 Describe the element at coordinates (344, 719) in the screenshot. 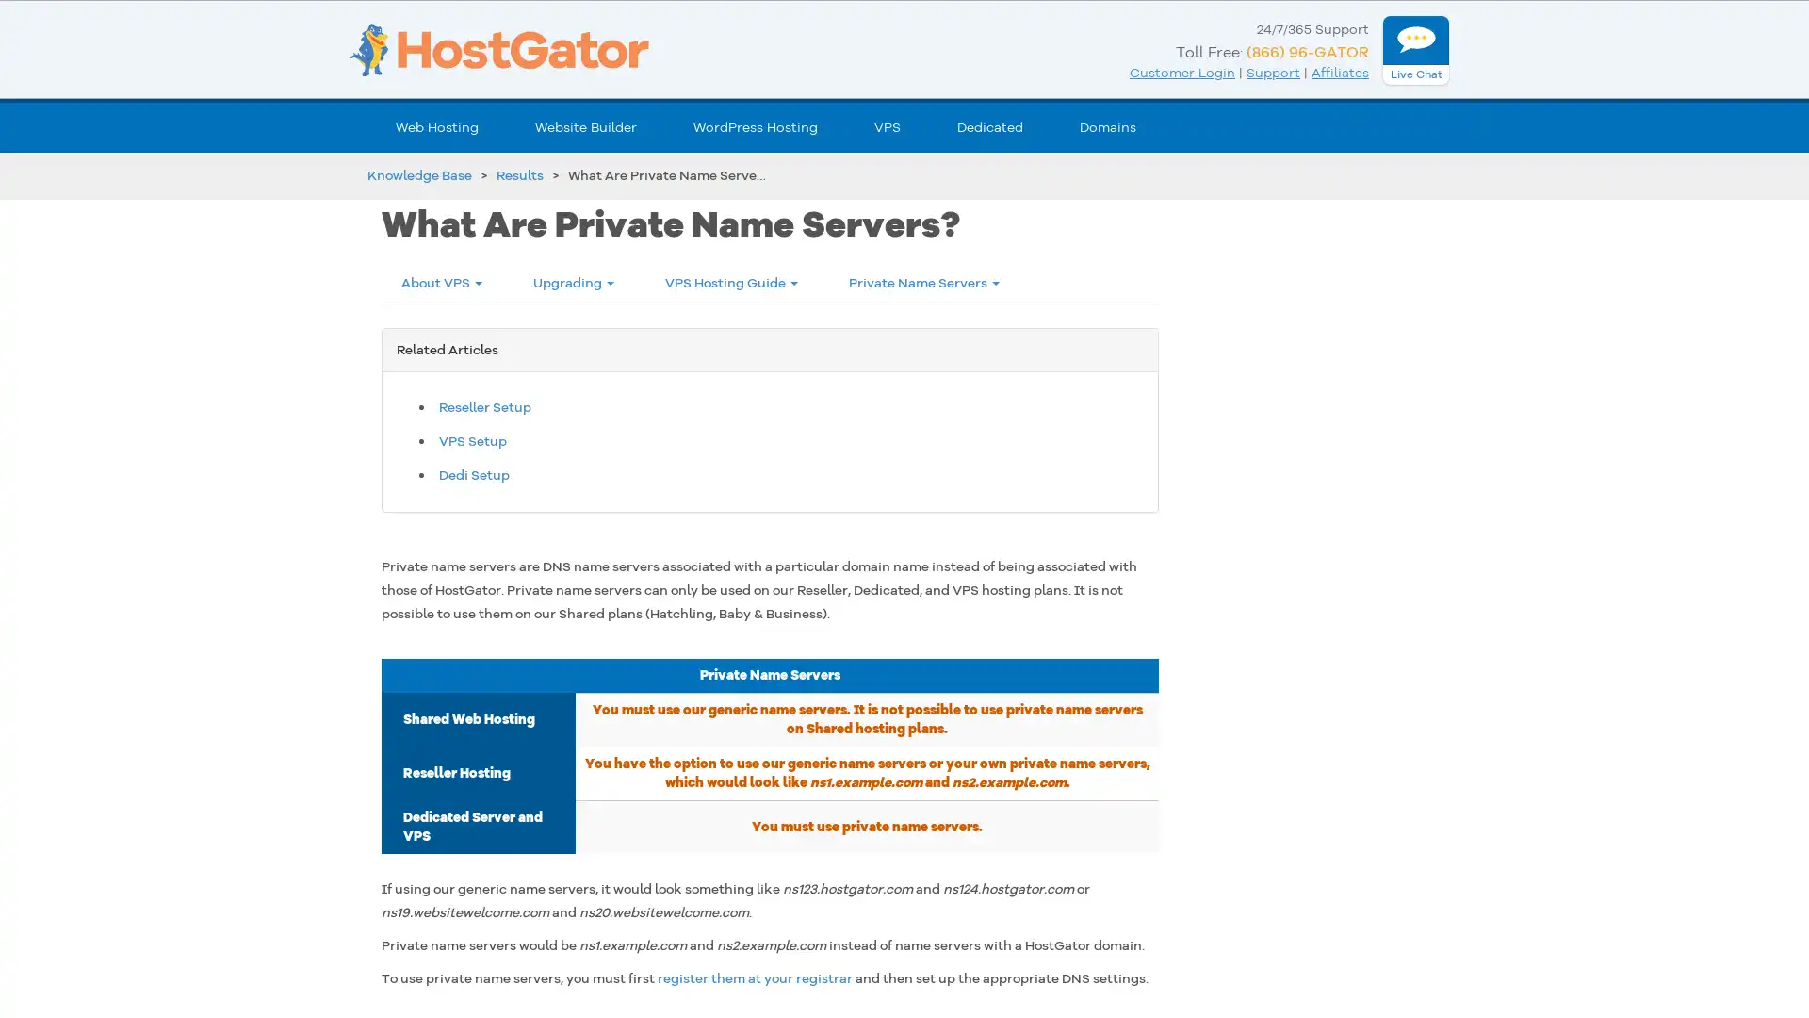

I see `Close` at that location.